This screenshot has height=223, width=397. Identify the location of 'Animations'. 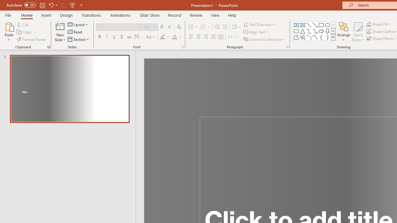
(120, 15).